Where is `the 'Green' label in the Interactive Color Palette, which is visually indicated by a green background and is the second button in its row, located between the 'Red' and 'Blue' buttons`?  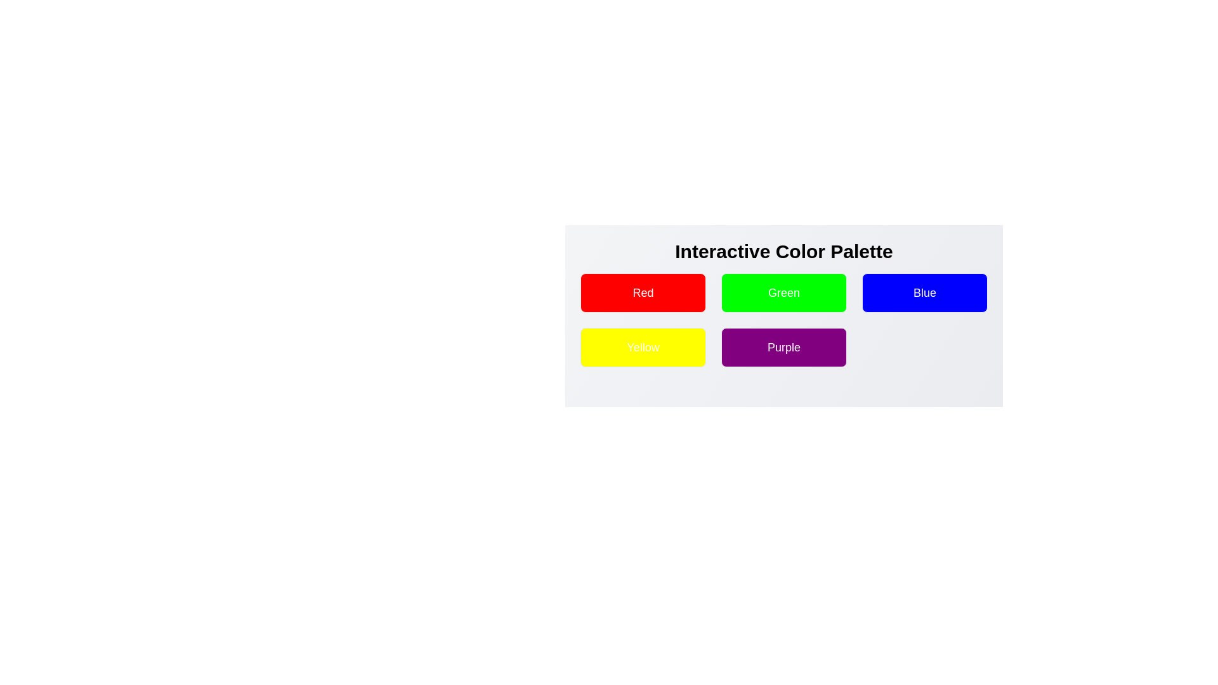
the 'Green' label in the Interactive Color Palette, which is visually indicated by a green background and is the second button in its row, located between the 'Red' and 'Blue' buttons is located at coordinates (783, 293).